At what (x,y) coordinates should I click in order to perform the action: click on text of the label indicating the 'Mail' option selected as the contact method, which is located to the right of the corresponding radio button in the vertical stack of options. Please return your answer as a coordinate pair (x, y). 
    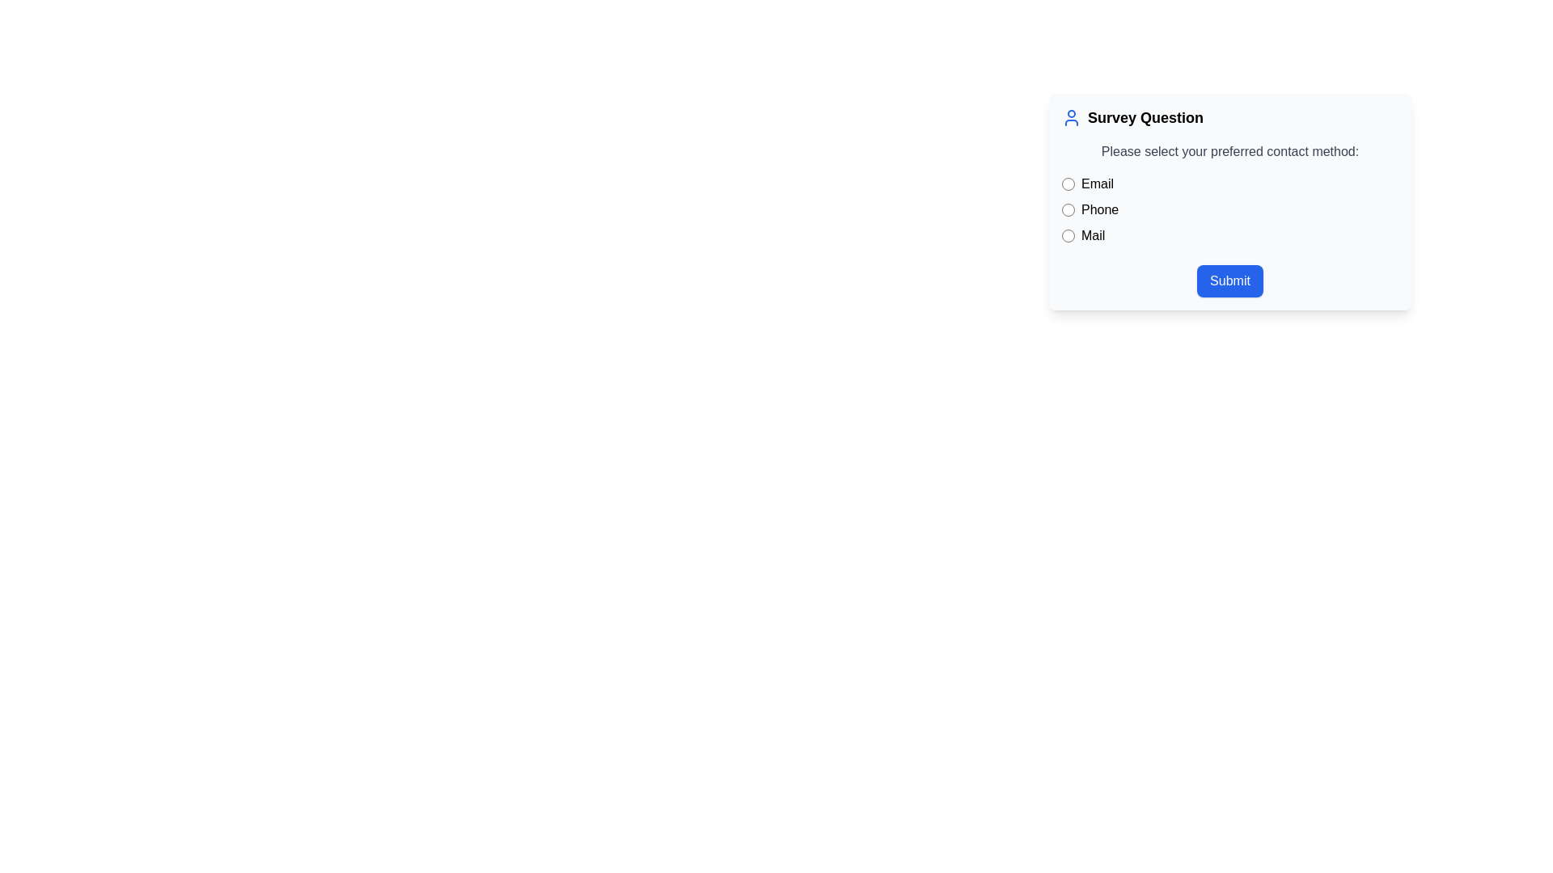
    Looking at the image, I should click on (1093, 236).